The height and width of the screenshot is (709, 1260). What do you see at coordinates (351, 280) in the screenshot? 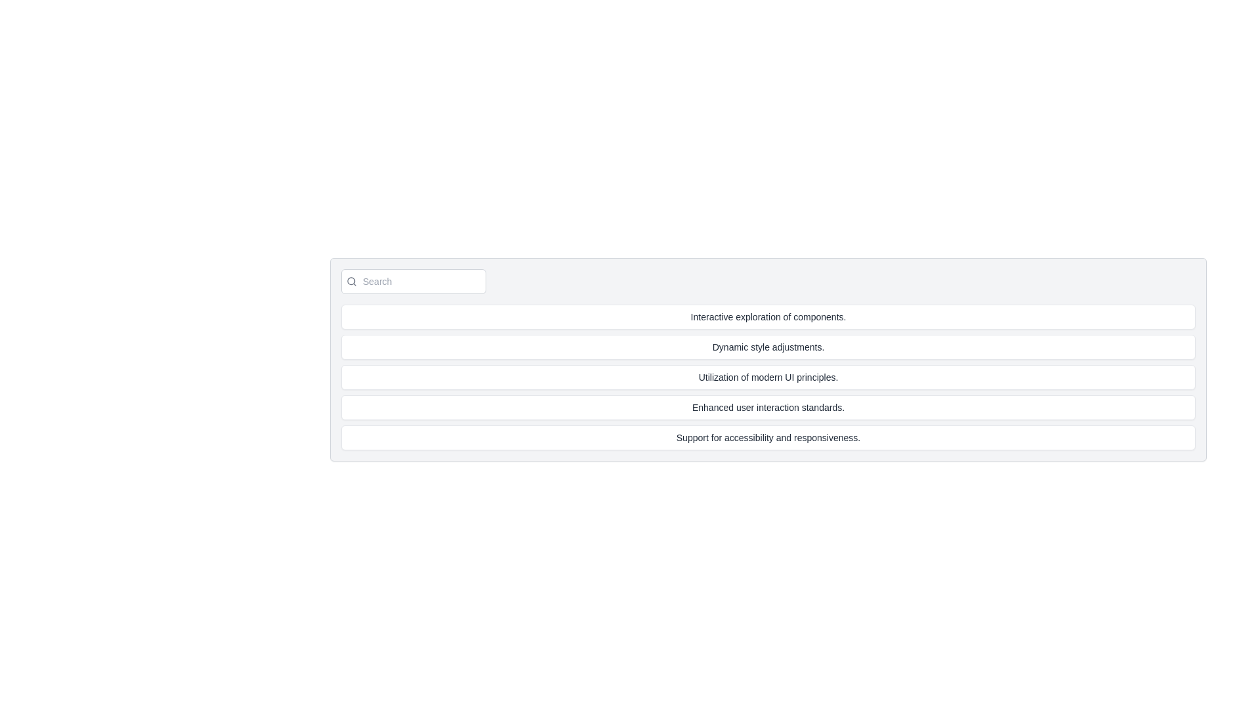
I see `the decorative circular element of the search magnifying glass icon, which is positioned at the center of the 'Search' input box in the user interface` at bounding box center [351, 280].